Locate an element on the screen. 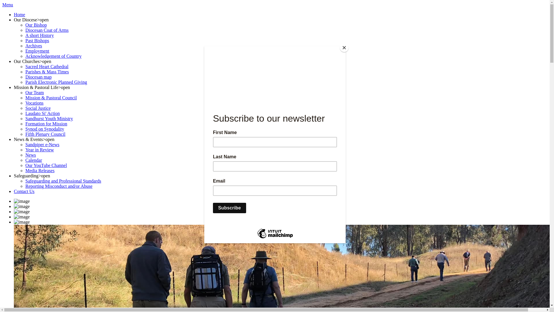 The height and width of the screenshot is (312, 554). 'Archives' is located at coordinates (25, 45).